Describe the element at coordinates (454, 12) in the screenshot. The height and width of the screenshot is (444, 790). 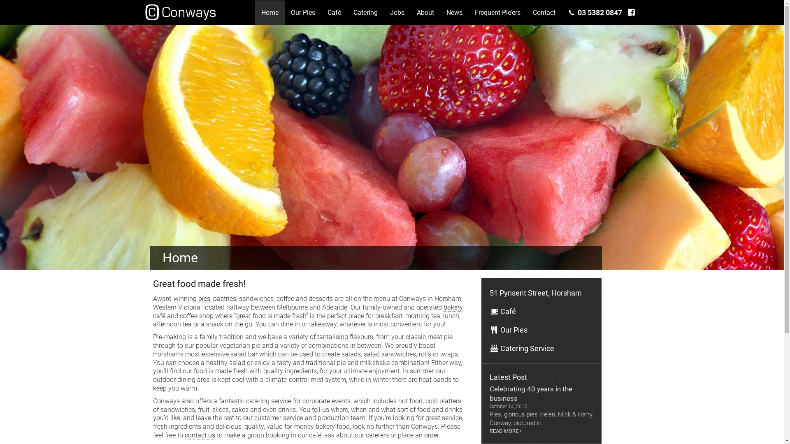
I see `'News'` at that location.